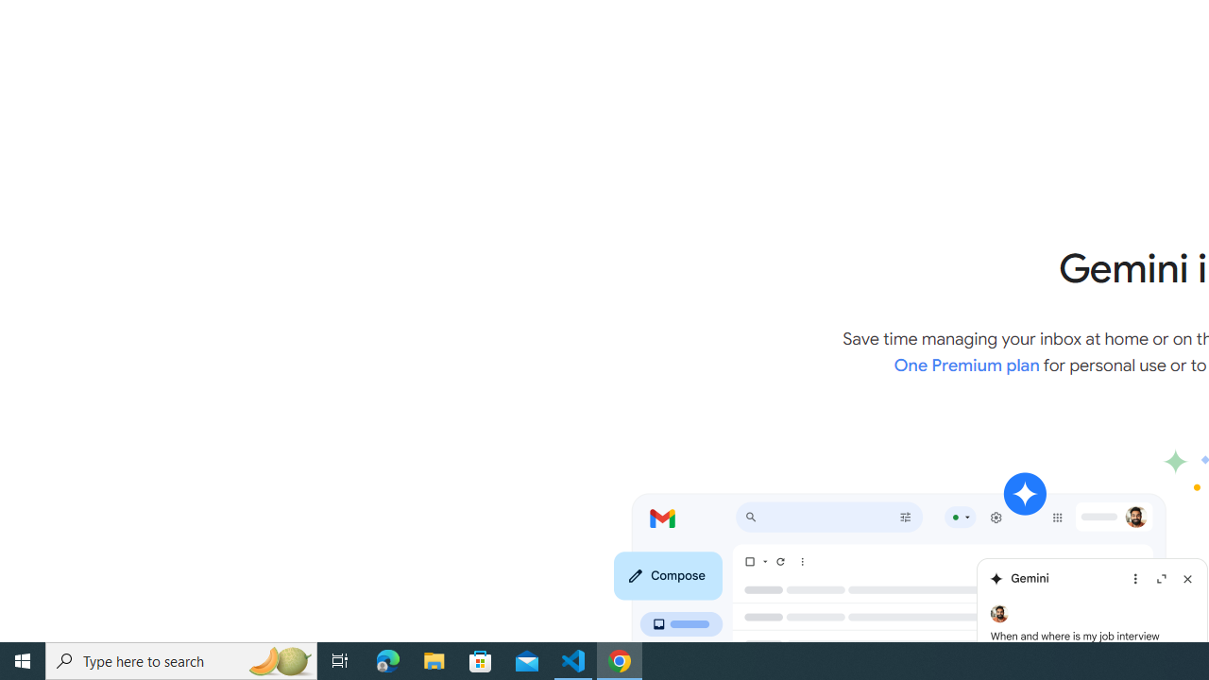 The width and height of the screenshot is (1209, 680). What do you see at coordinates (620, 659) in the screenshot?
I see `'Google Chrome - 1 running window'` at bounding box center [620, 659].